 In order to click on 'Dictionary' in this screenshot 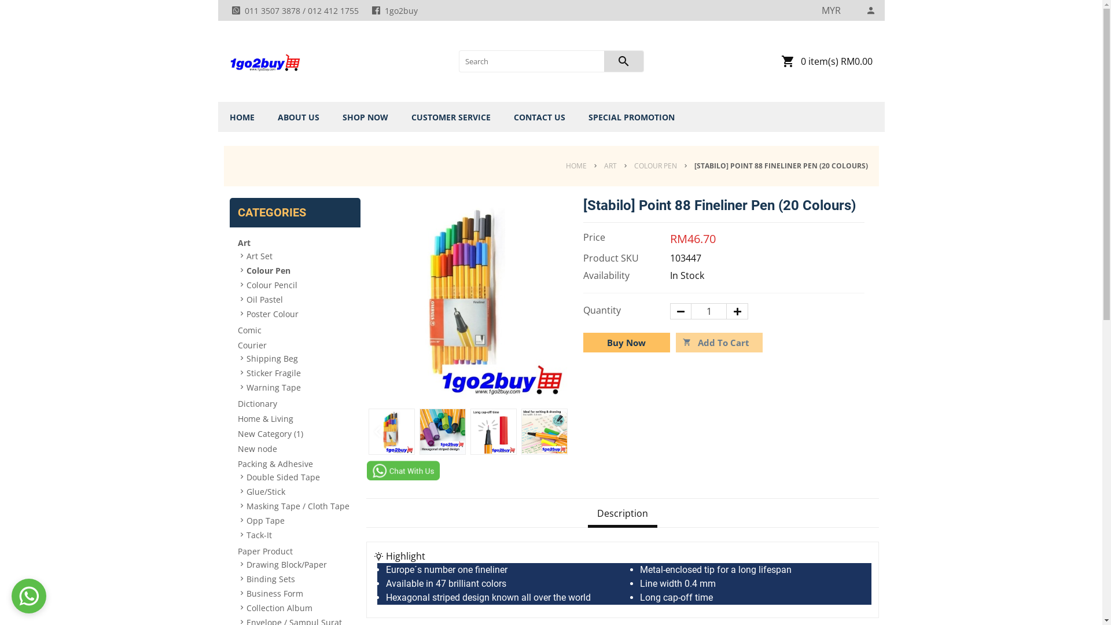, I will do `click(294, 402)`.